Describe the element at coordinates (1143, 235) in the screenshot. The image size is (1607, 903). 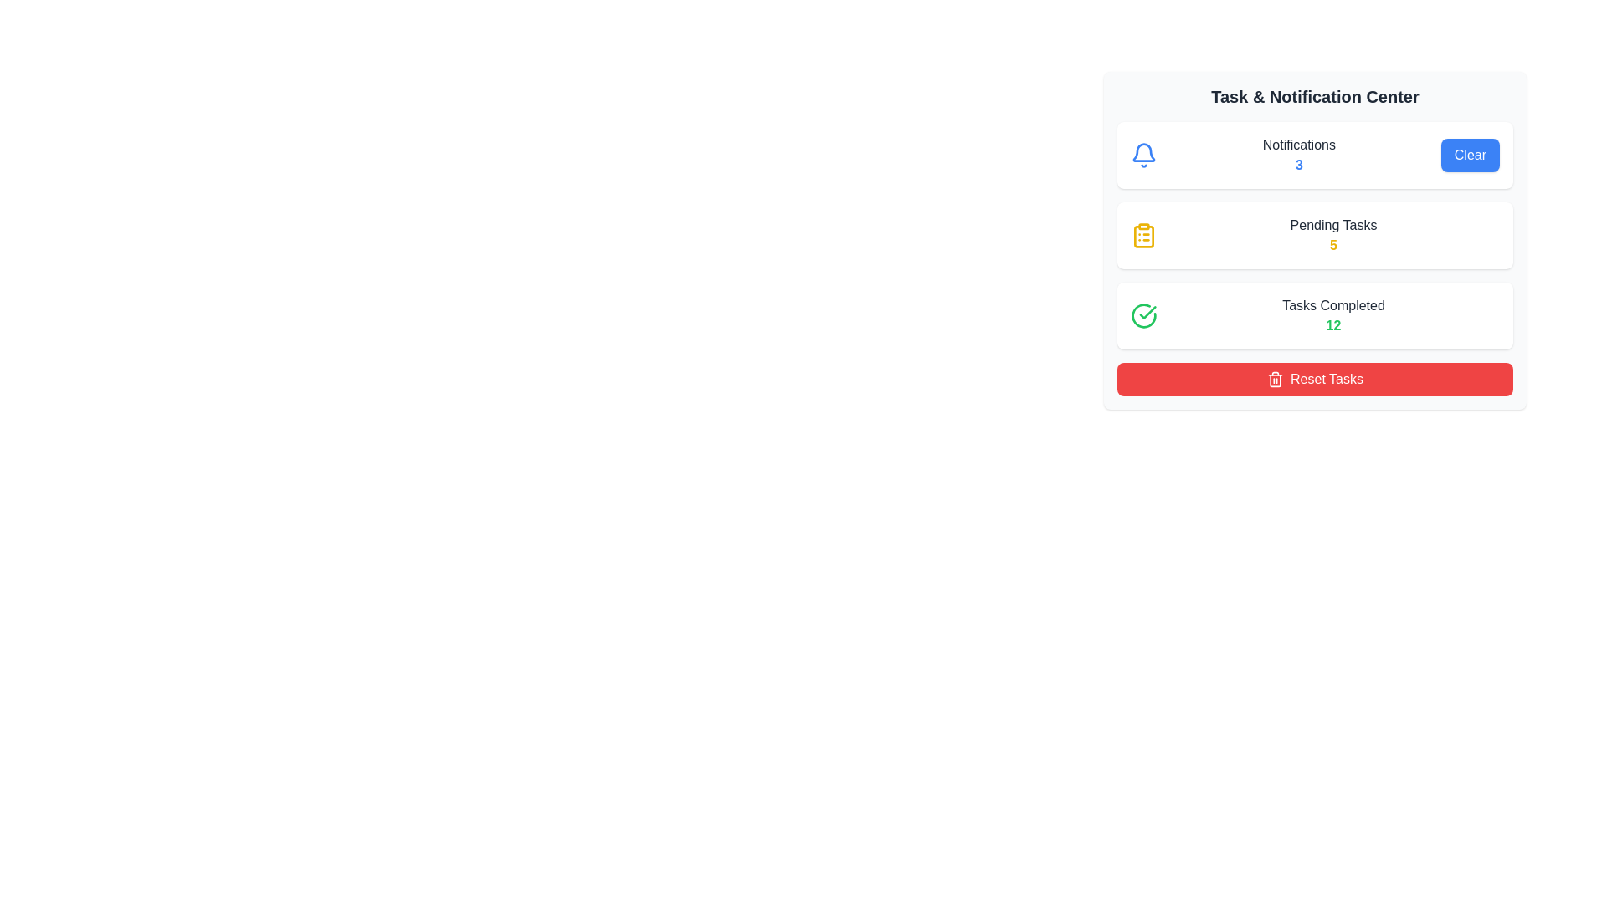
I see `the yellow clipboard icon located in the 'Pending Tasks' section, which is the leftmost icon in the second row of the task and notification panel` at that location.